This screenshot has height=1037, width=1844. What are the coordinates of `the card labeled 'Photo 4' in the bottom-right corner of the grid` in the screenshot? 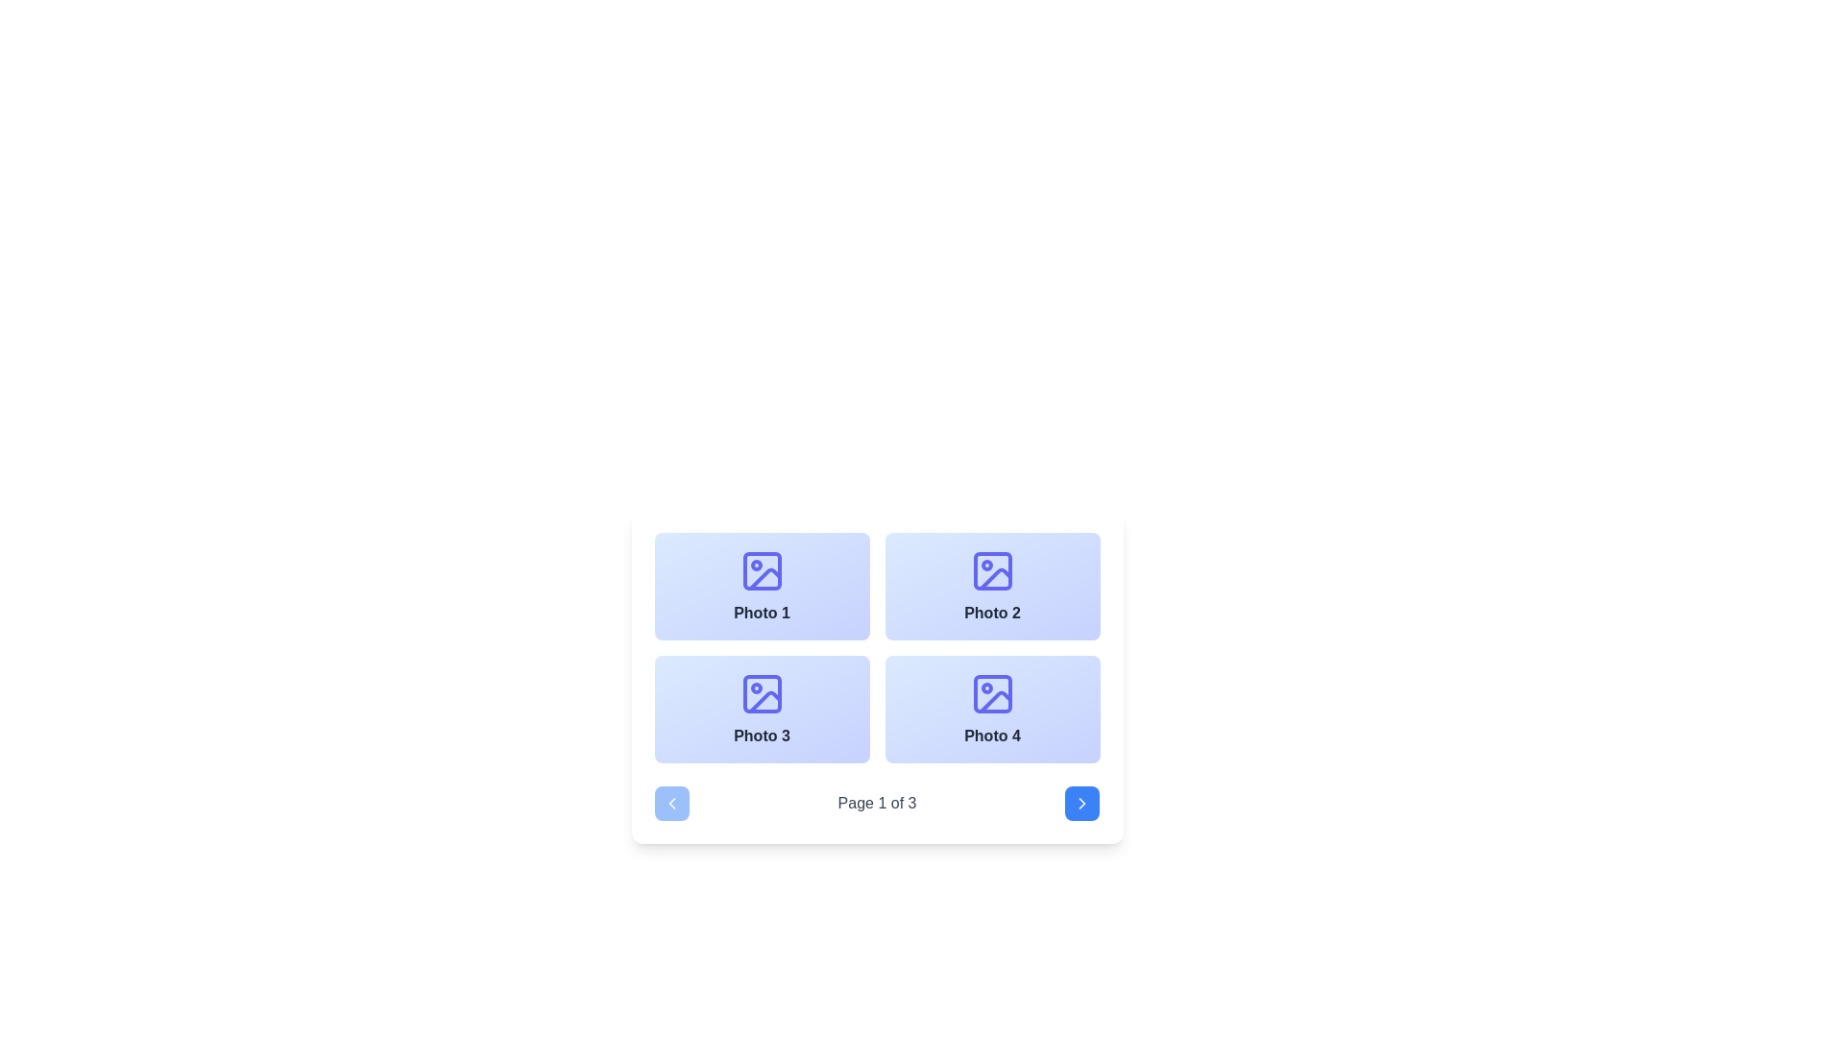 It's located at (992, 710).